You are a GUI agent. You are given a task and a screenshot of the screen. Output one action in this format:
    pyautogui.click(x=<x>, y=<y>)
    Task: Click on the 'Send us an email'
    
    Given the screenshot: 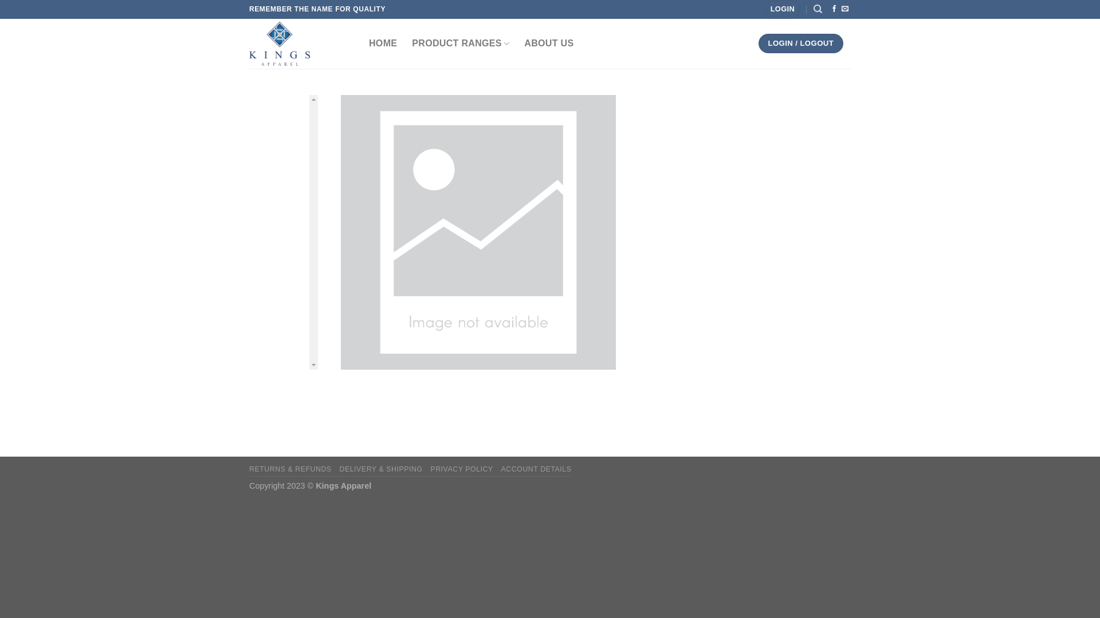 What is the action you would take?
    pyautogui.click(x=844, y=9)
    